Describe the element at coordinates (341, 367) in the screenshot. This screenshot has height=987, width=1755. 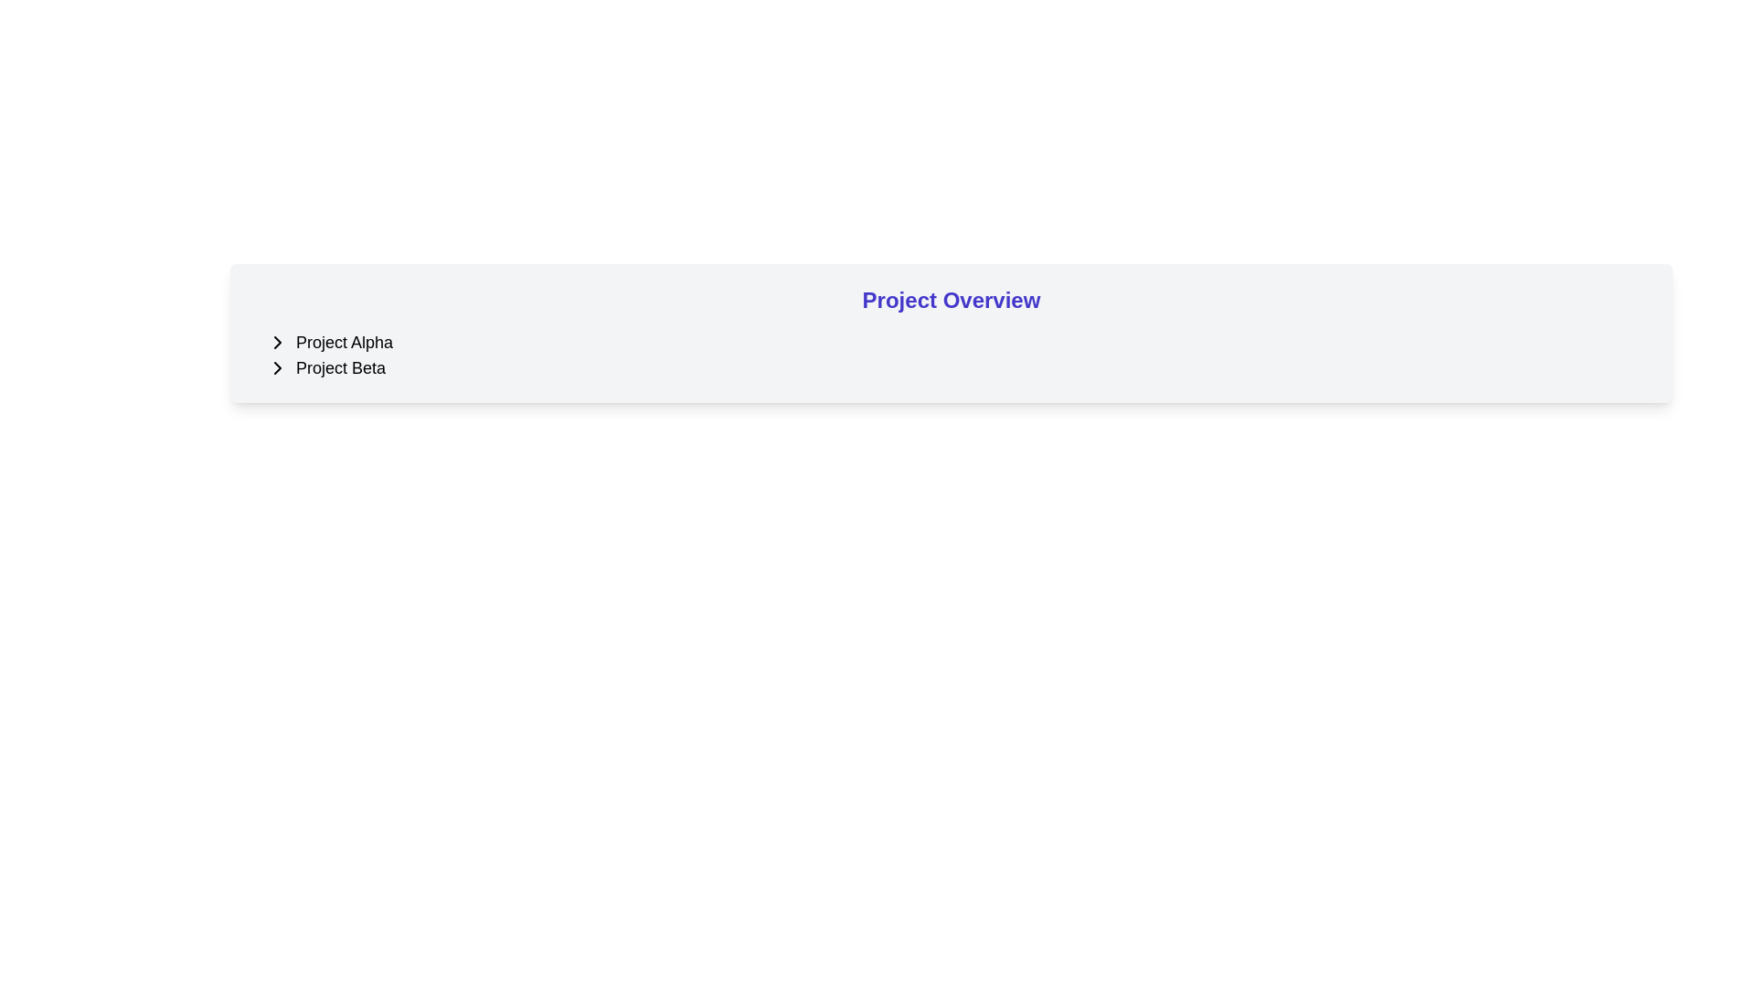
I see `the text label displaying 'Project Beta' which is styled in a moderately large font and aligned with an adjacent arrow indicator` at that location.